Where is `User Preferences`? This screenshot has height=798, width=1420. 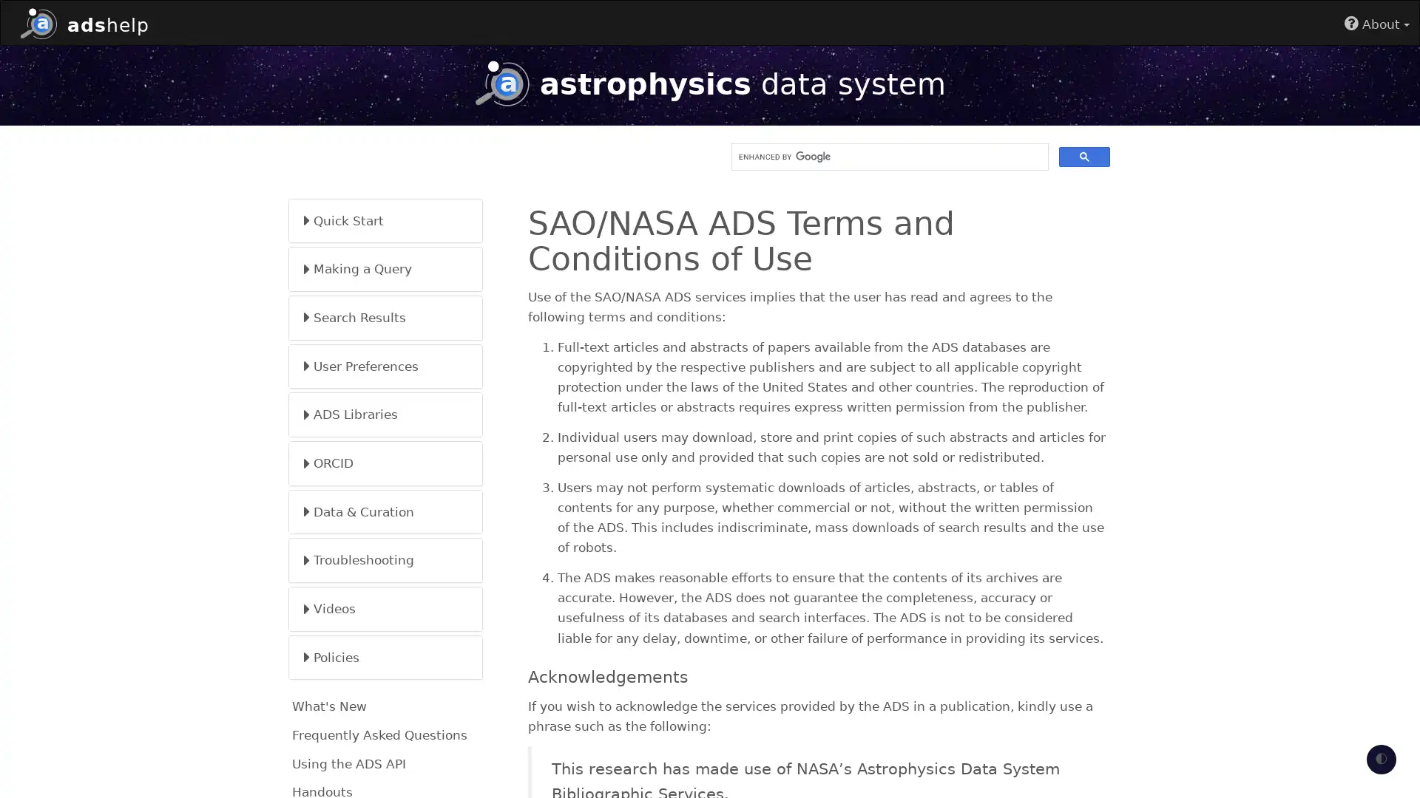 User Preferences is located at coordinates (385, 366).